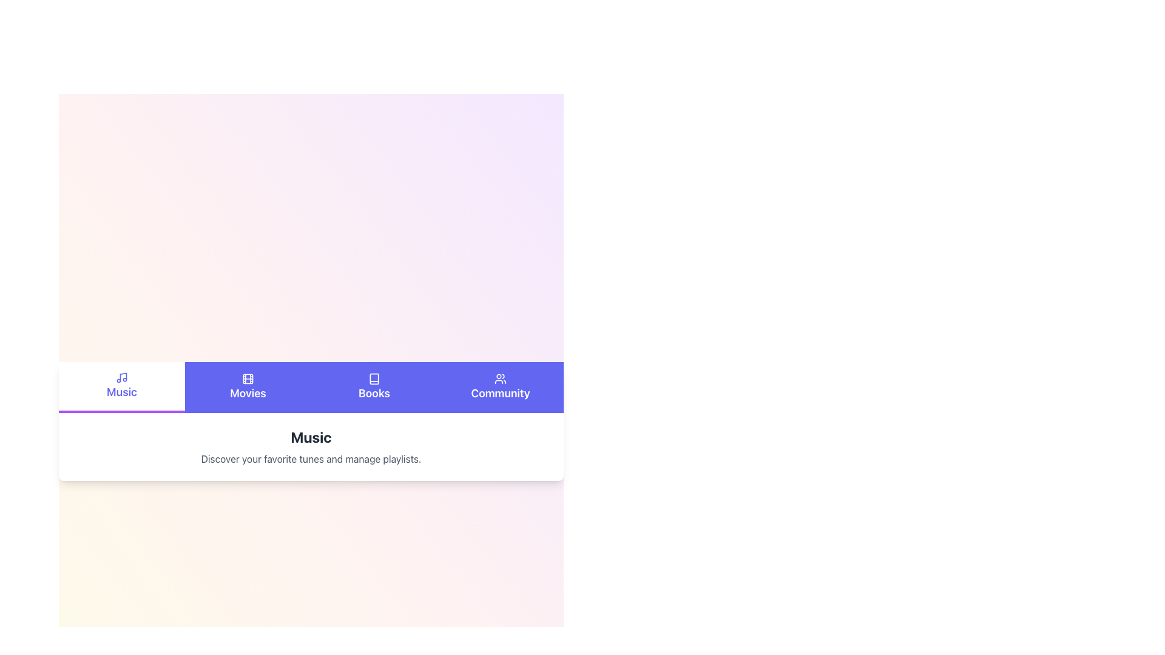 This screenshot has height=655, width=1165. What do you see at coordinates (311, 458) in the screenshot?
I see `descriptive text block located below the bold 'Music' text, which summarizes the features of the Music section` at bounding box center [311, 458].